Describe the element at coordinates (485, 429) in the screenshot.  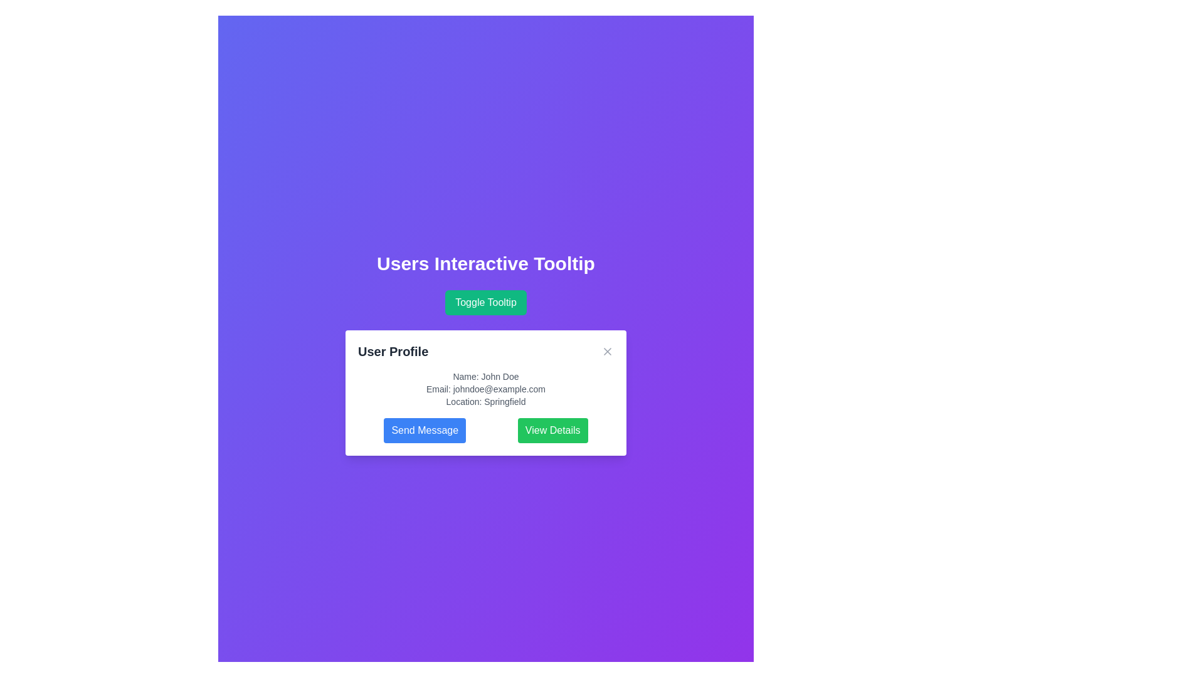
I see `the 'Send Message' button located in the button row within the 'User Profile' modal to initiate messaging` at that location.